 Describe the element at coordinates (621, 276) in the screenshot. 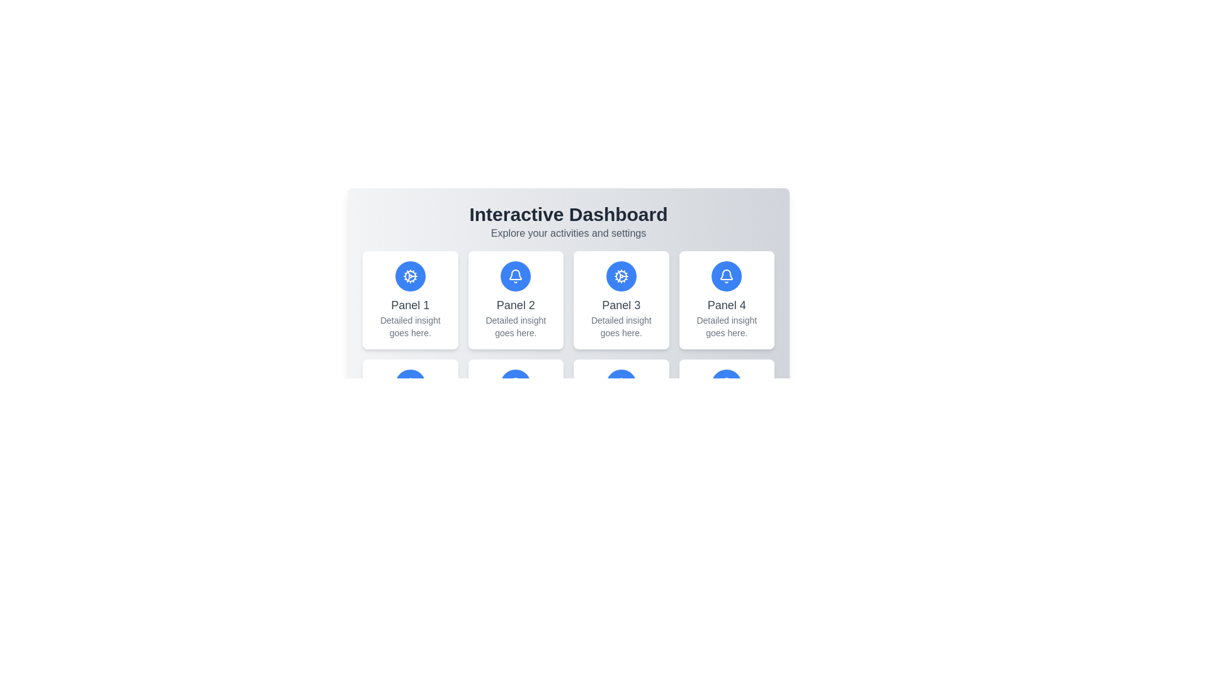

I see `the settings icon located in the top-left panel of a 2-row, 4-column grid layout, which is the first element in its row and column` at that location.